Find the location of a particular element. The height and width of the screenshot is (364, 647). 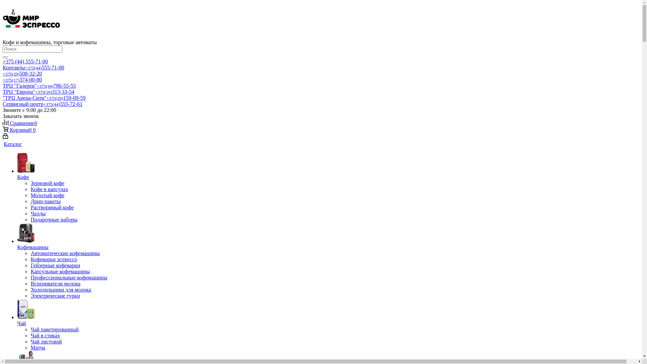

'+375(17)374-00-80' is located at coordinates (22, 79).